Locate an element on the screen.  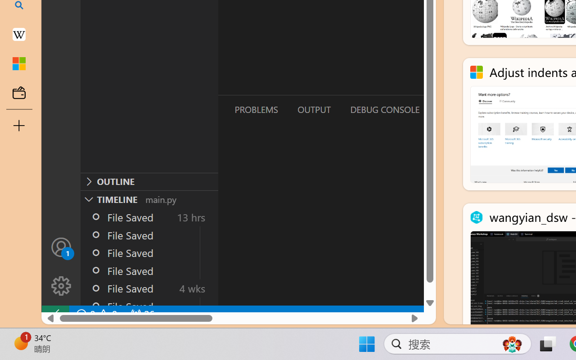
'Output (Ctrl+Shift+U)' is located at coordinates (313, 109).